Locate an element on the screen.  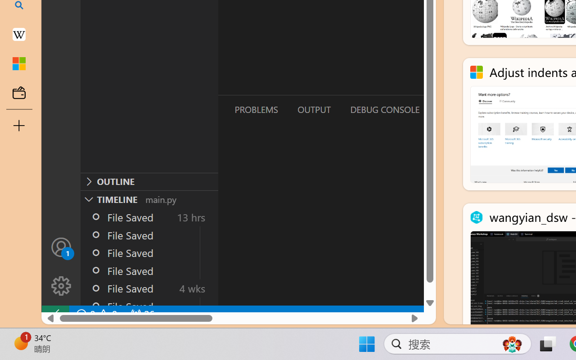
'Output (Ctrl+Shift+U)' is located at coordinates (313, 109).